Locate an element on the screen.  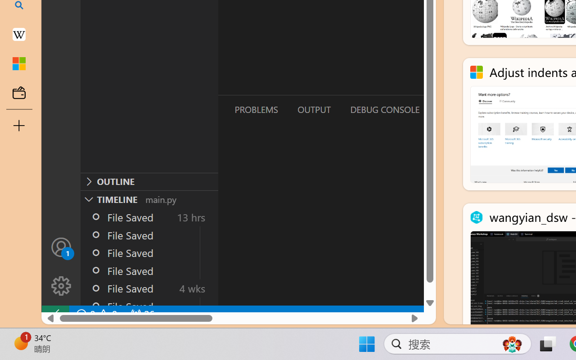
'Output (Ctrl+Shift+U)' is located at coordinates (313, 109).